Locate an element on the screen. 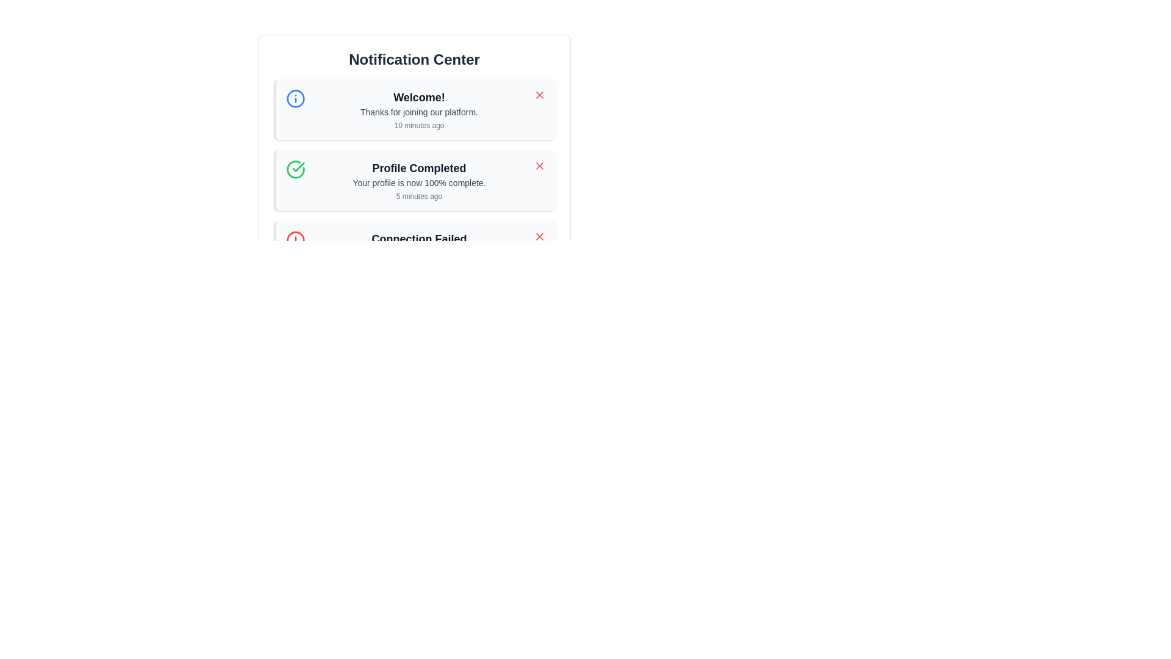 The image size is (1171, 659). the red 'X' icon button for closing the 'Connection Failed' notification for keyboard operation is located at coordinates (539, 237).